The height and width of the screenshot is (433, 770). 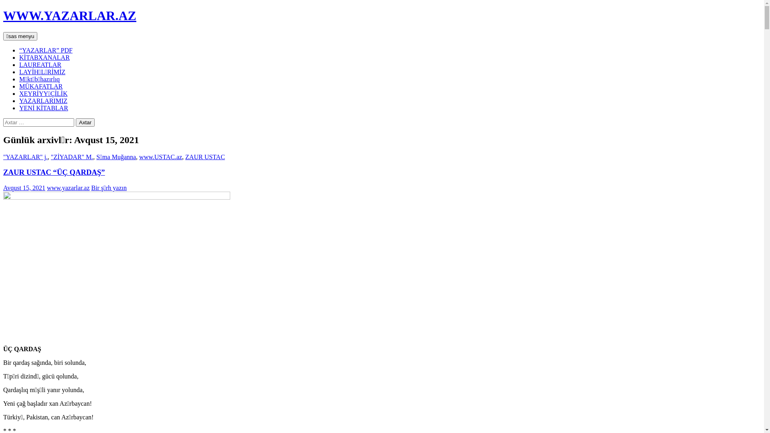 What do you see at coordinates (40, 64) in the screenshot?
I see `'LAUREATLAR'` at bounding box center [40, 64].